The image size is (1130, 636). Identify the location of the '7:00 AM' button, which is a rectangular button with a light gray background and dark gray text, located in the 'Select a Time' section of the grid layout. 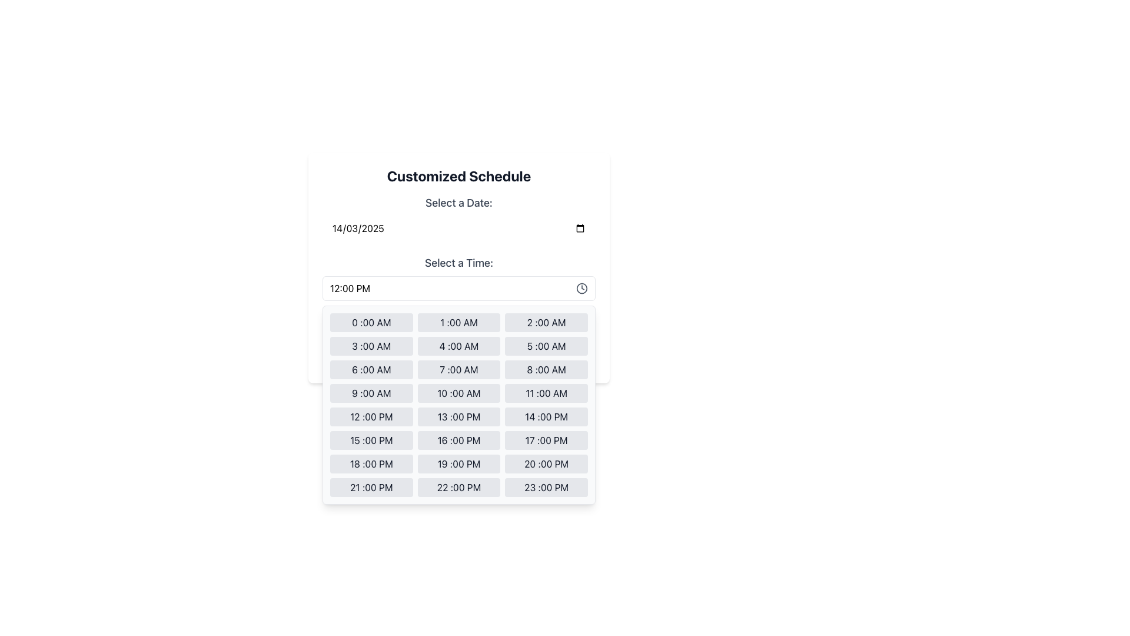
(458, 369).